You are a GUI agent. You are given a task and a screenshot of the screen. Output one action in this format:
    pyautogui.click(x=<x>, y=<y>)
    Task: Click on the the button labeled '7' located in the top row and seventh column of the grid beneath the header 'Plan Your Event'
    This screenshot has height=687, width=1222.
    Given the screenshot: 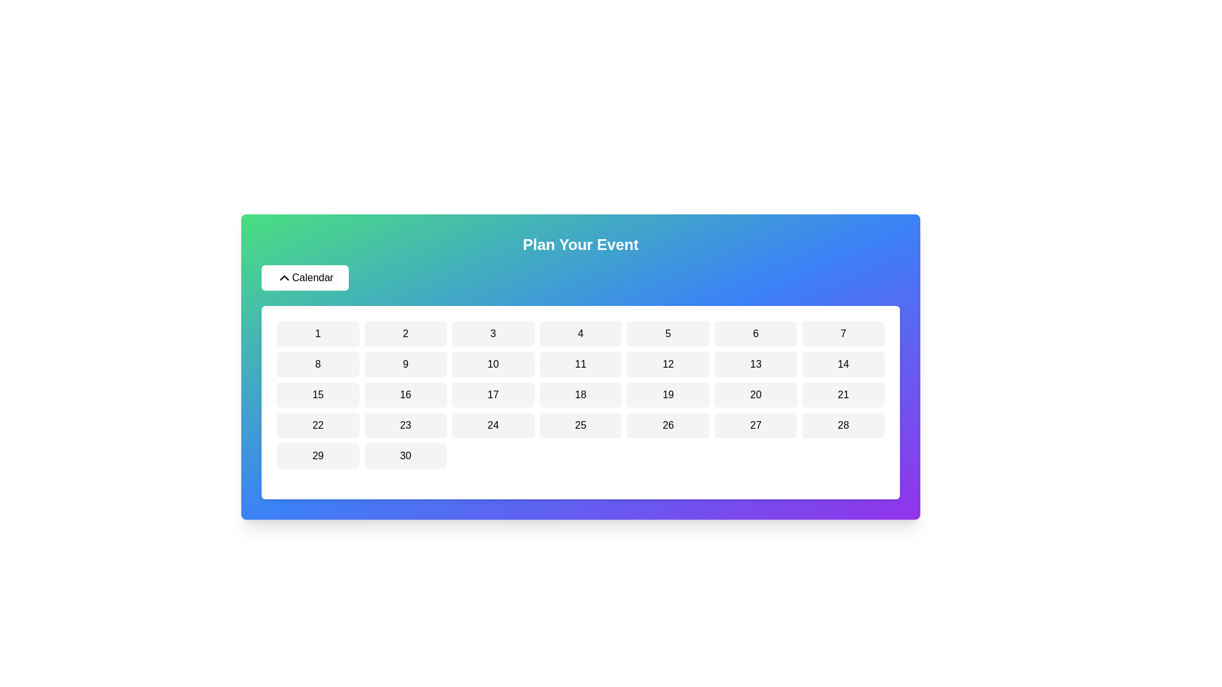 What is the action you would take?
    pyautogui.click(x=843, y=333)
    